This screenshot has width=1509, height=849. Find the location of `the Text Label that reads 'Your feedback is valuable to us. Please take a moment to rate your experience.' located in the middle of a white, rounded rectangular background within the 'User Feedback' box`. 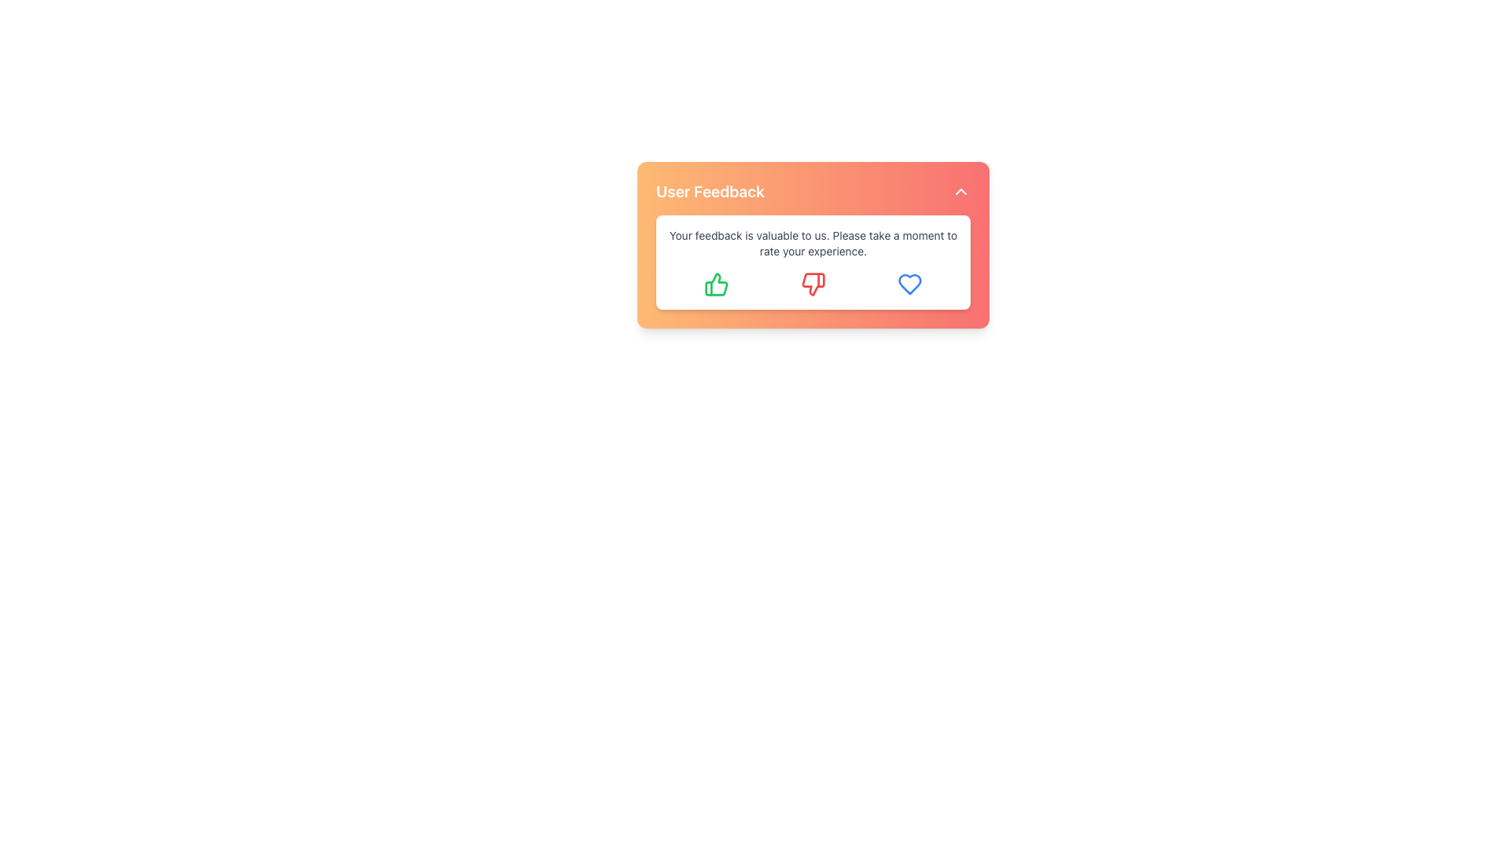

the Text Label that reads 'Your feedback is valuable to us. Please take a moment to rate your experience.' located in the middle of a white, rounded rectangular background within the 'User Feedback' box is located at coordinates (813, 243).